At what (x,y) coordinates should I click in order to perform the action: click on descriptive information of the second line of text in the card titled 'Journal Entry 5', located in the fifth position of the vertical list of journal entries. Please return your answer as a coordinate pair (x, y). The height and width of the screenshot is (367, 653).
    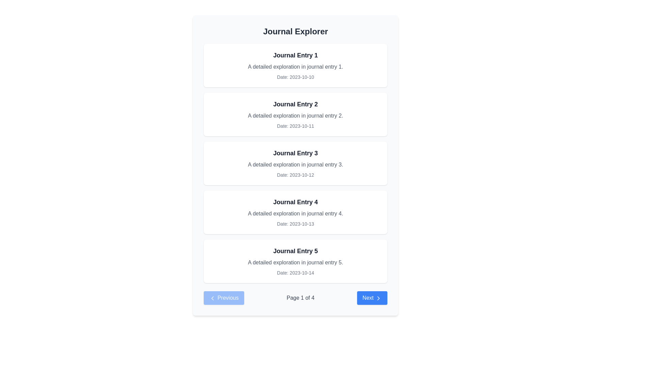
    Looking at the image, I should click on (295, 262).